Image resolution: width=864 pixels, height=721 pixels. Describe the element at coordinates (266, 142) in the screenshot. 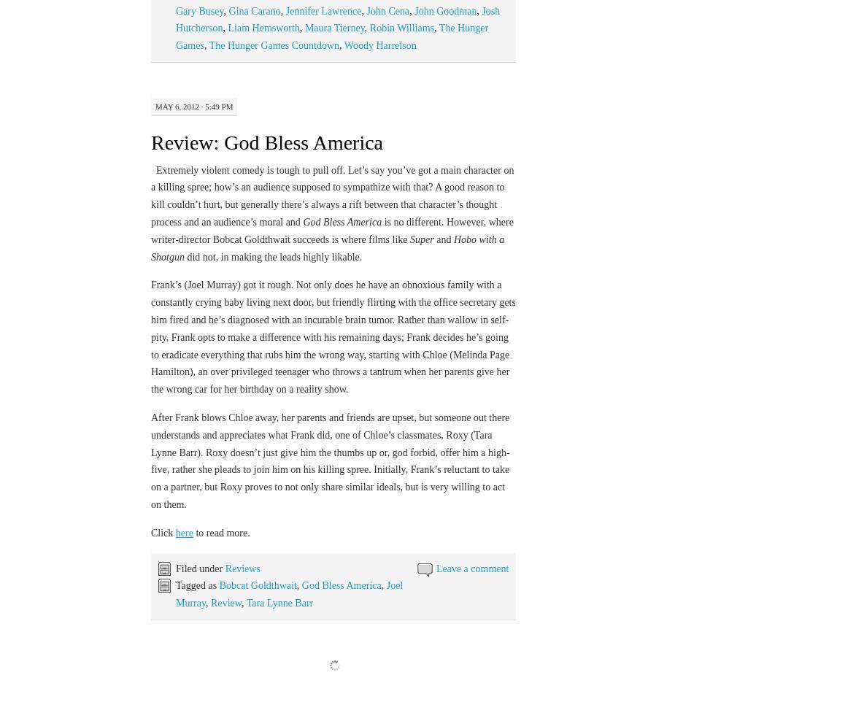

I see `'Review: God Bless America'` at that location.